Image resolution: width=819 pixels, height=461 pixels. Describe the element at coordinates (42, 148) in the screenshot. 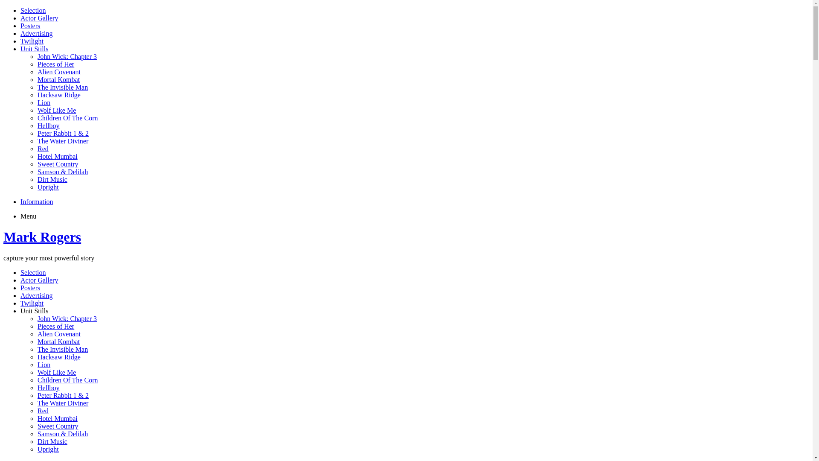

I see `'Red'` at that location.